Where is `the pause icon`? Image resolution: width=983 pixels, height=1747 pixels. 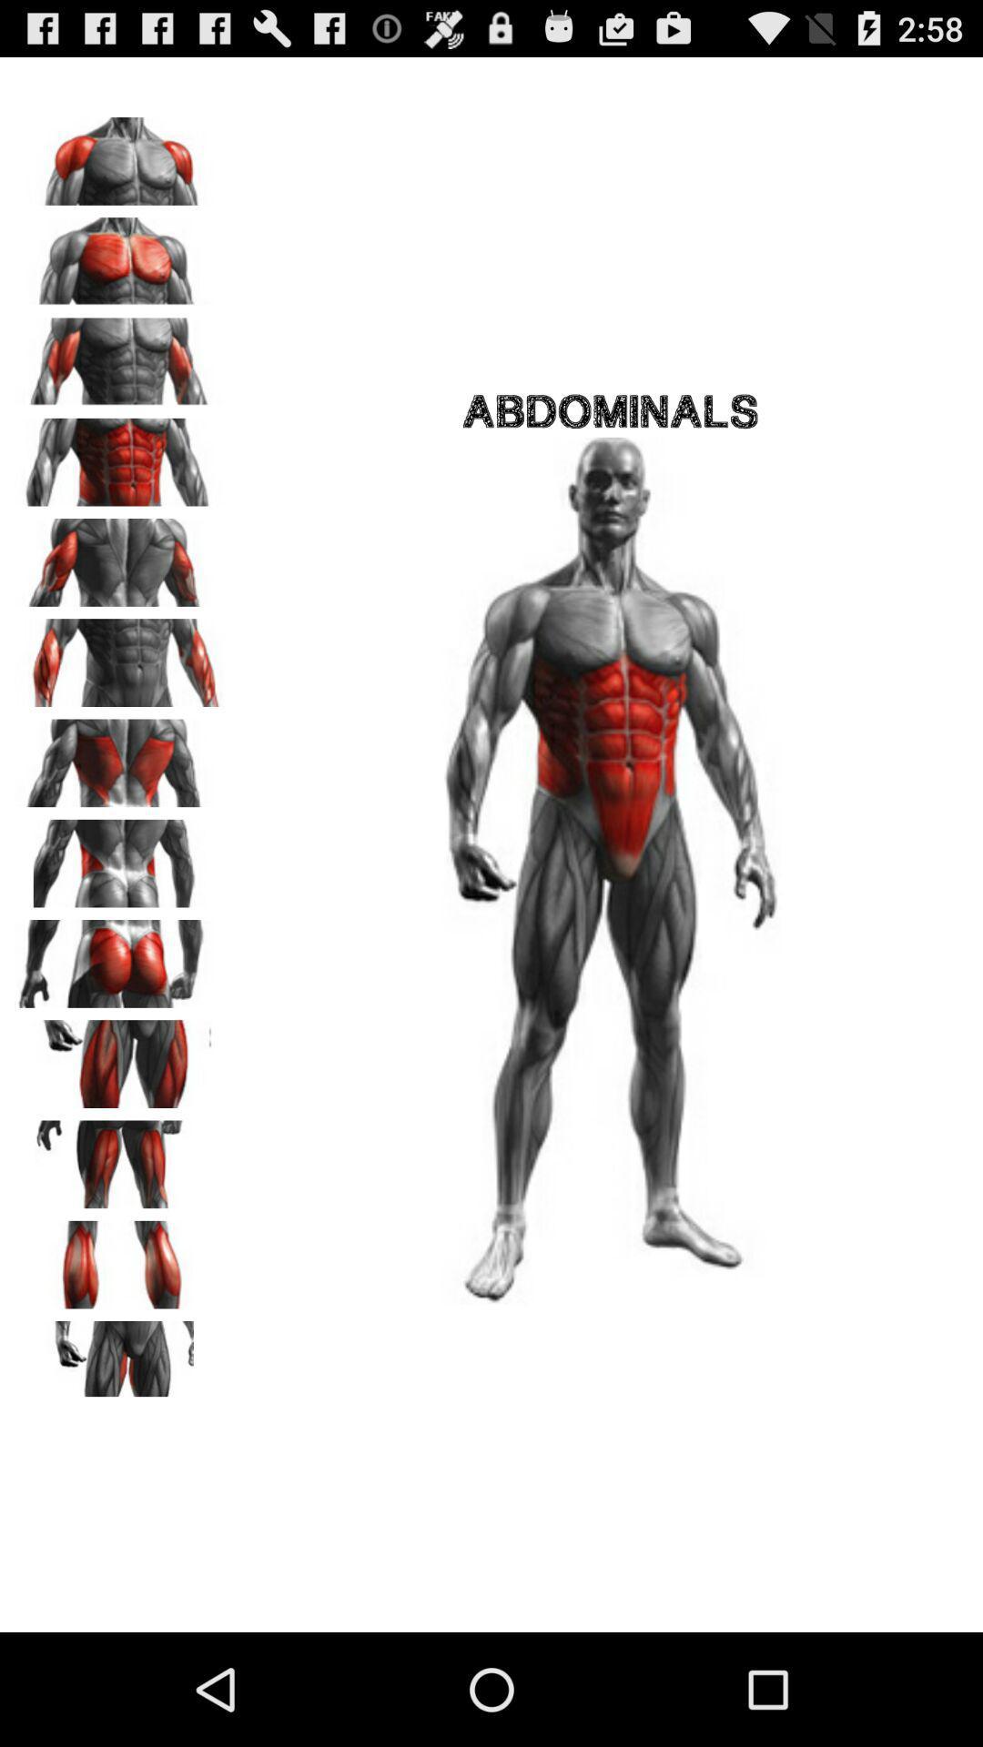 the pause icon is located at coordinates (119, 1347).